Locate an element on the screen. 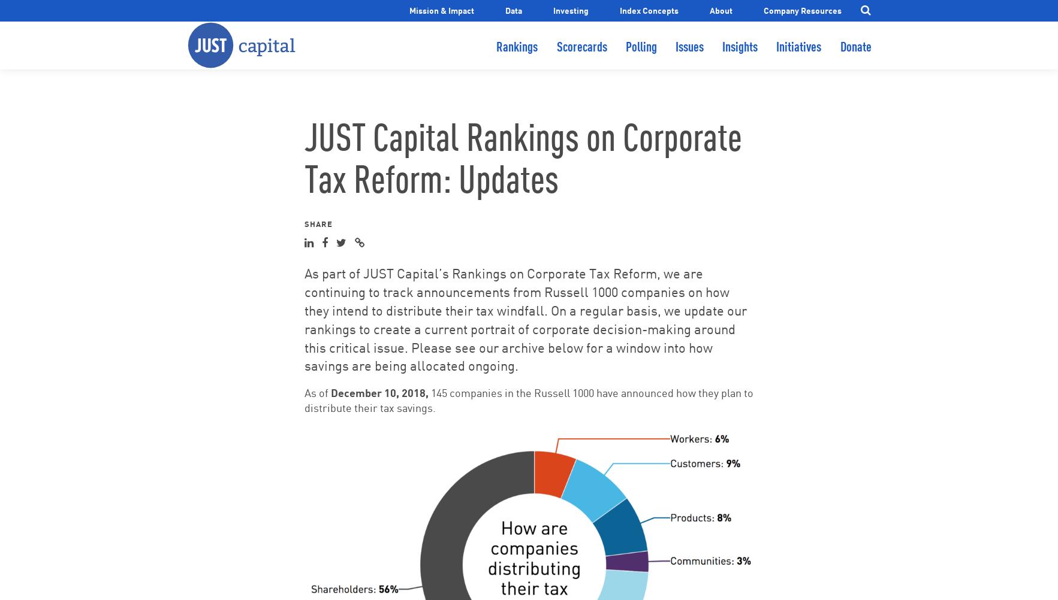 The width and height of the screenshot is (1058, 600). 'As part of JUST Capital’s Rankings on Corporate Tax Reform, we are continuing to track announcements from Russell 1000 companies on how they intend to distribute their tax windfall. On a regular basis, we update our rankings to create a current portrait of corporate decision-making around this critical issue. Please see our archive below for a window into how savings are being allocated ongoing.' is located at coordinates (524, 319).